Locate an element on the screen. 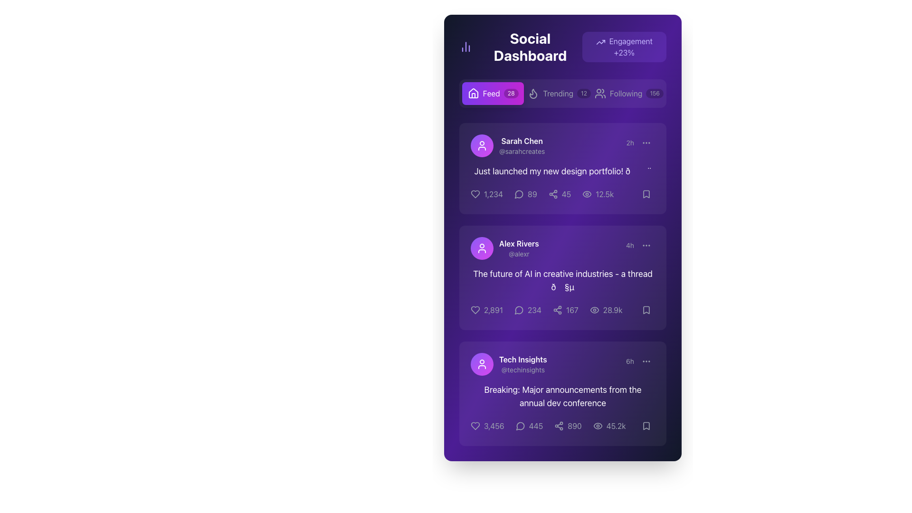 This screenshot has width=912, height=513. timestamp text '4h' located in the top-right corner of the post by 'Alex Rivers', which indicates the time since the post was made is located at coordinates (640, 245).